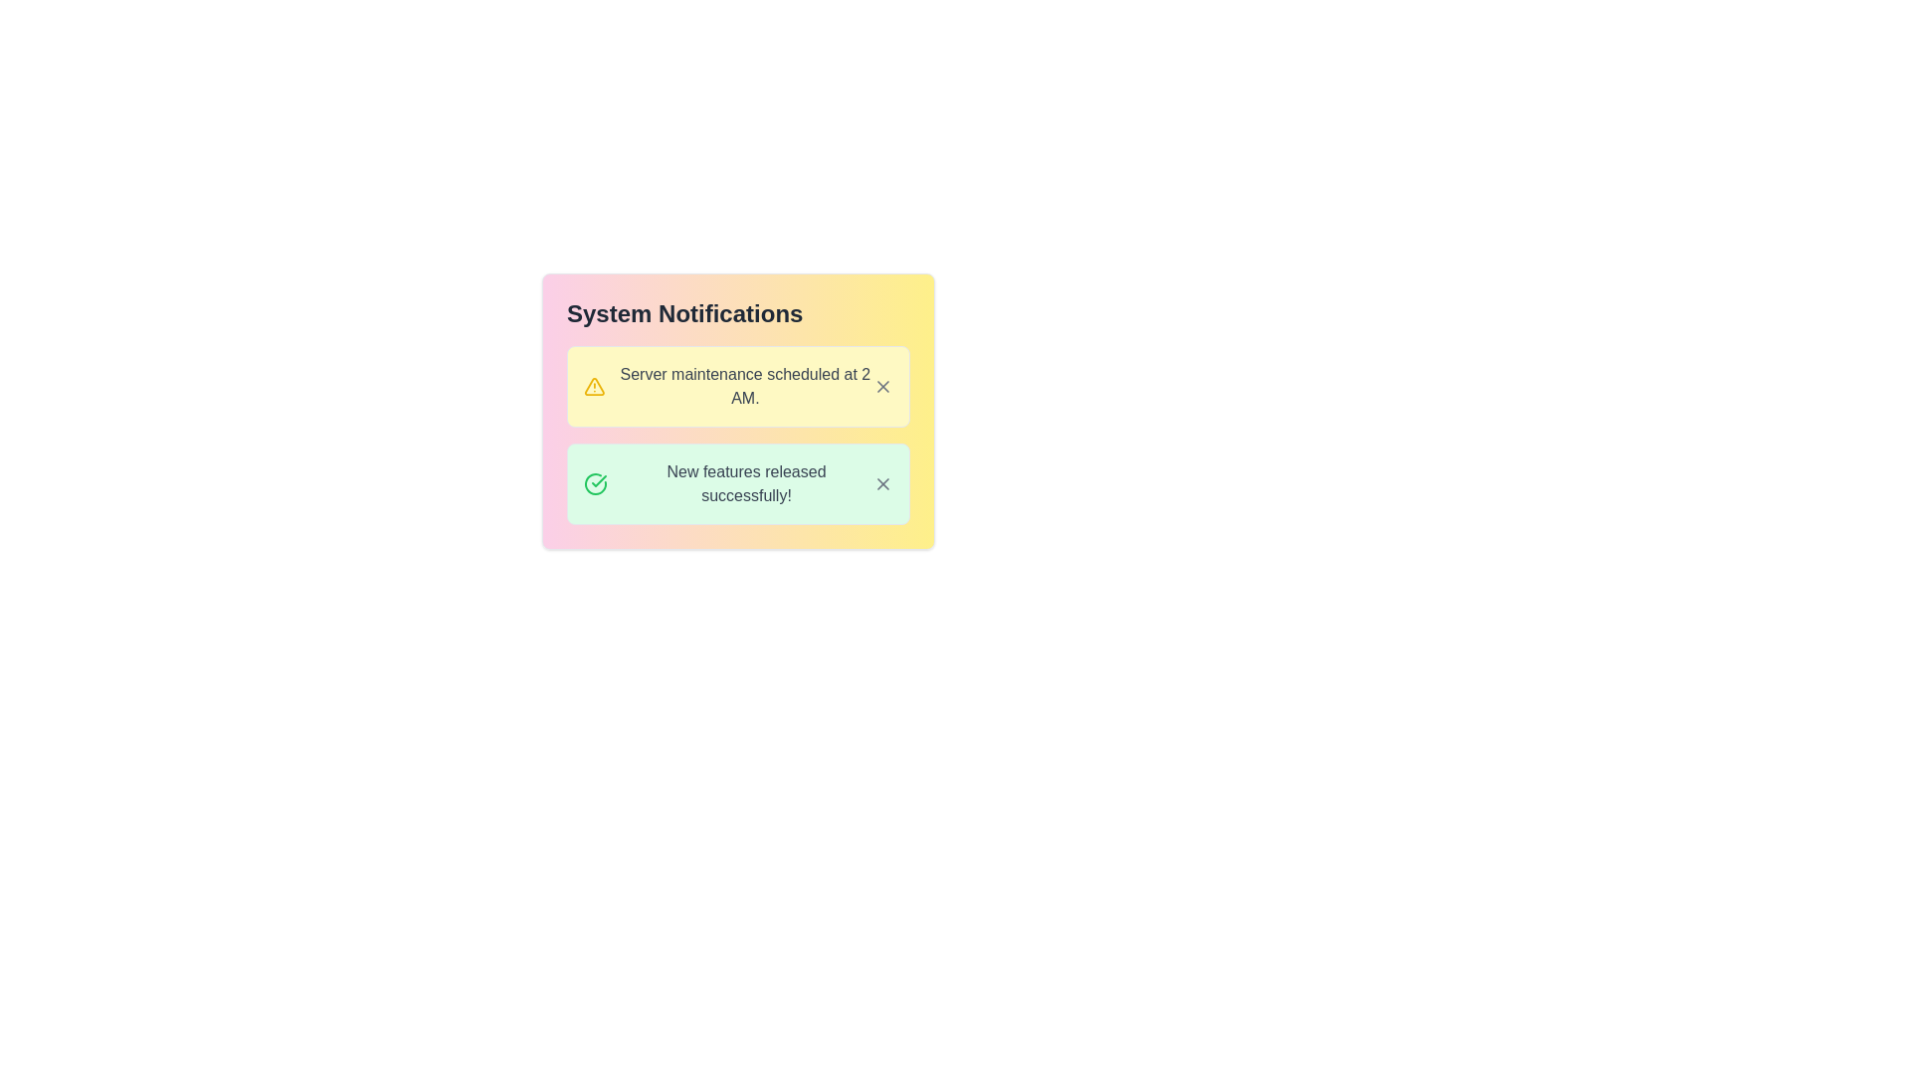  I want to click on the close button (cross icon) located at the top-right corner of the notification card labeled 'Server maintenance scheduled at 2 AM' for visual feedback, so click(882, 387).